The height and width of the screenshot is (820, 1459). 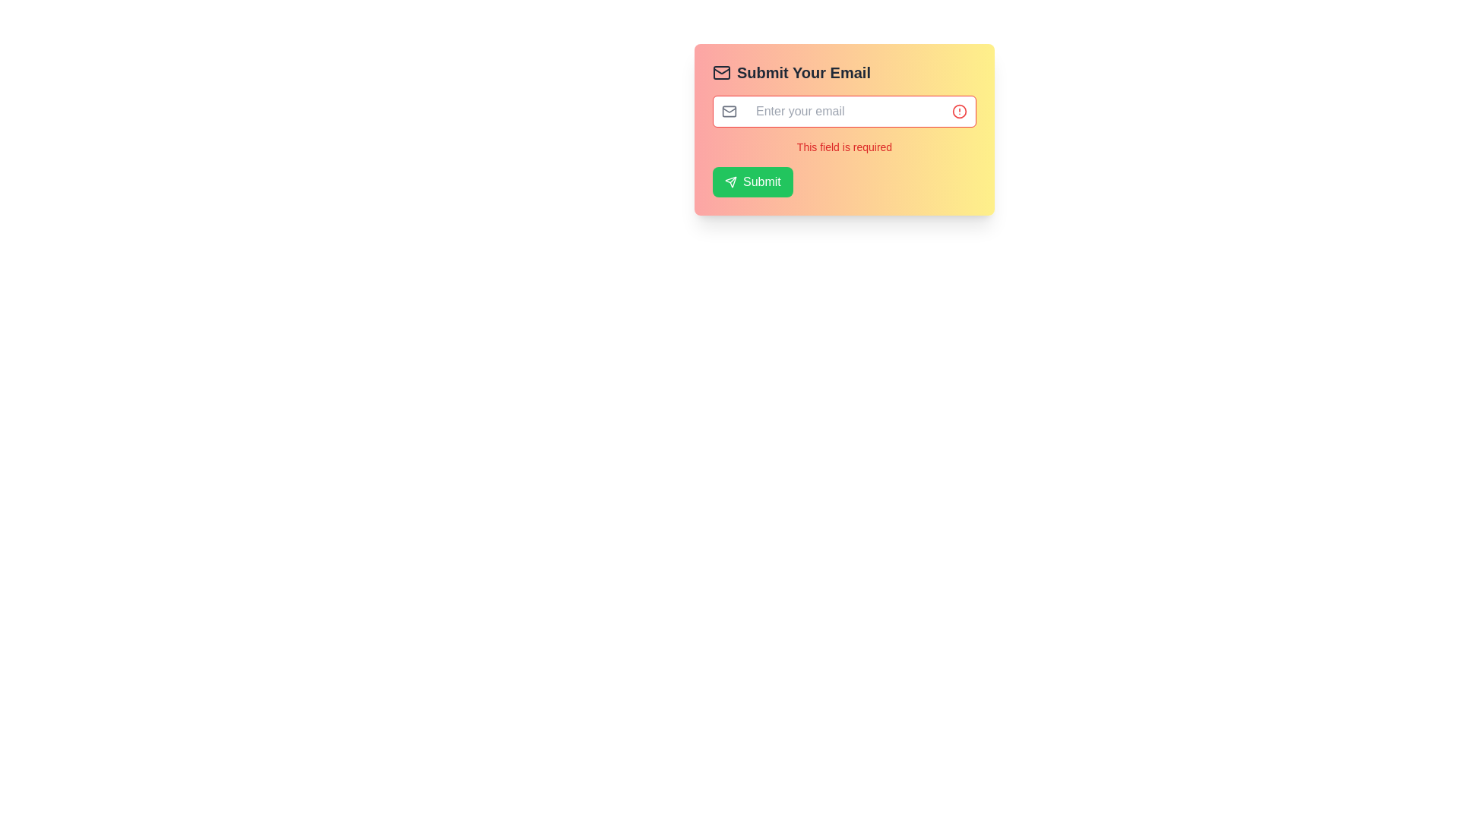 I want to click on the email icon located at the left of the 'Submit Your Email' heading to indicate its function for electronic communication, so click(x=721, y=73).